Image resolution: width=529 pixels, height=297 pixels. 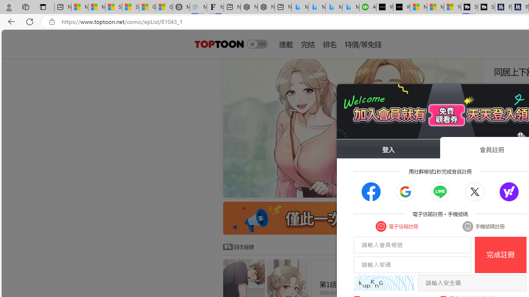 What do you see at coordinates (257, 44) in the screenshot?
I see `'Class:  switch_18mode actionAdultBtn'` at bounding box center [257, 44].